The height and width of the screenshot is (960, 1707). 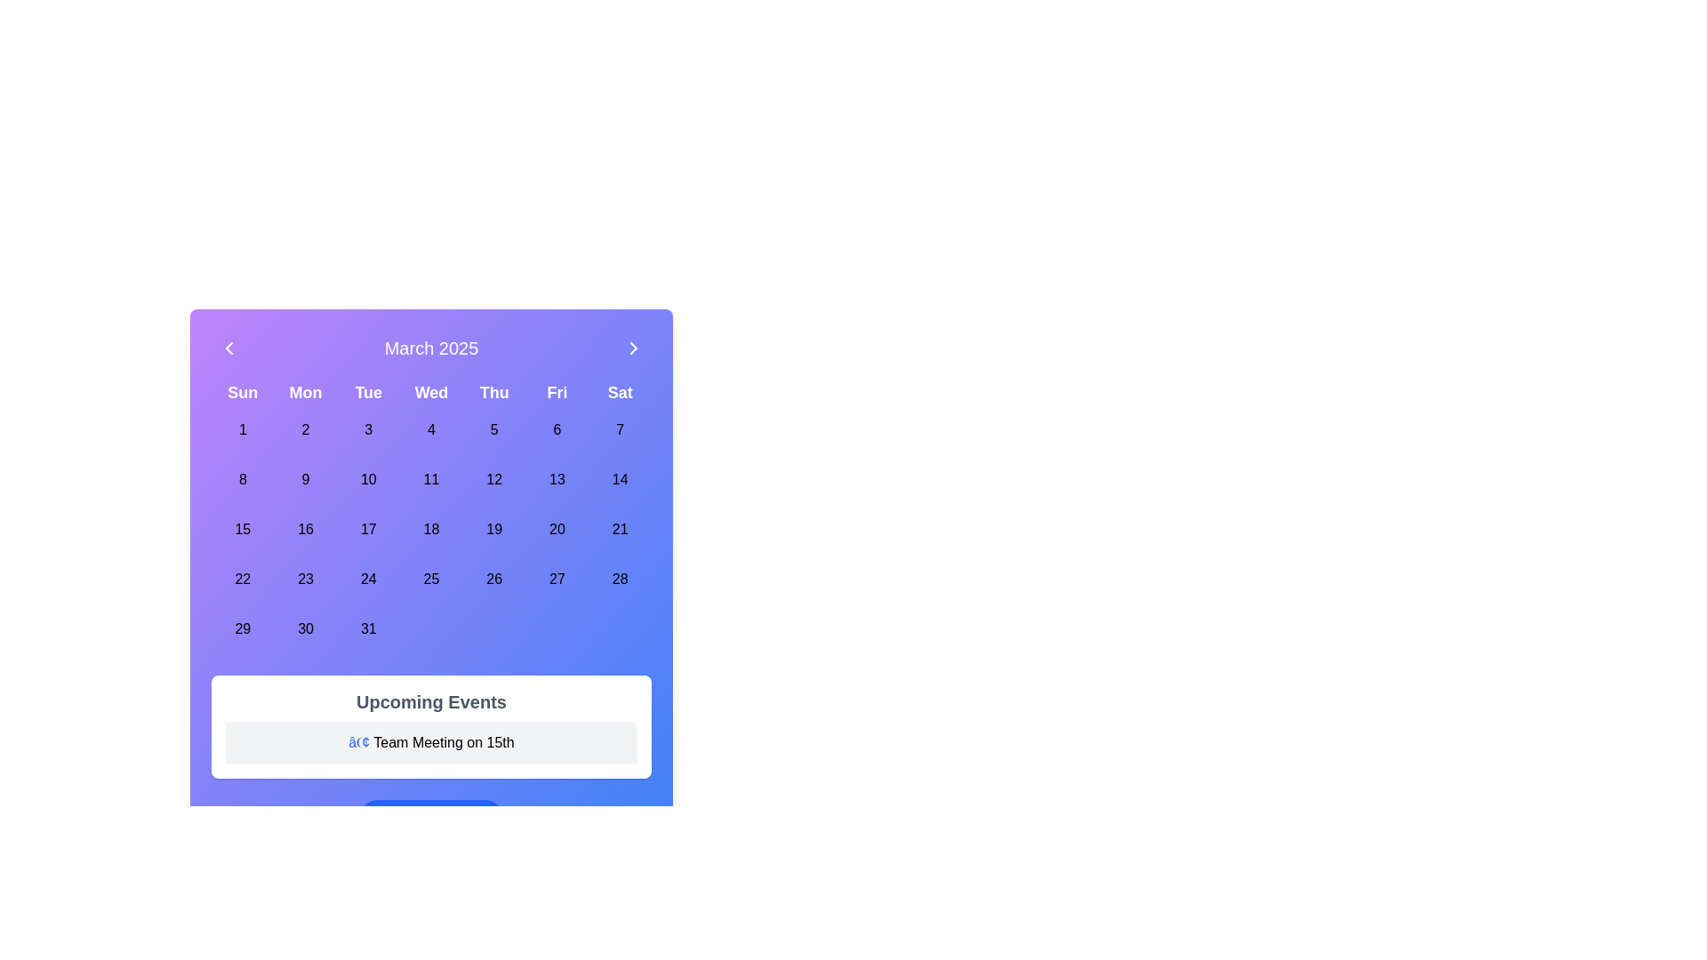 What do you see at coordinates (494, 529) in the screenshot?
I see `the rounded rectangular button displaying the number '19'` at bounding box center [494, 529].